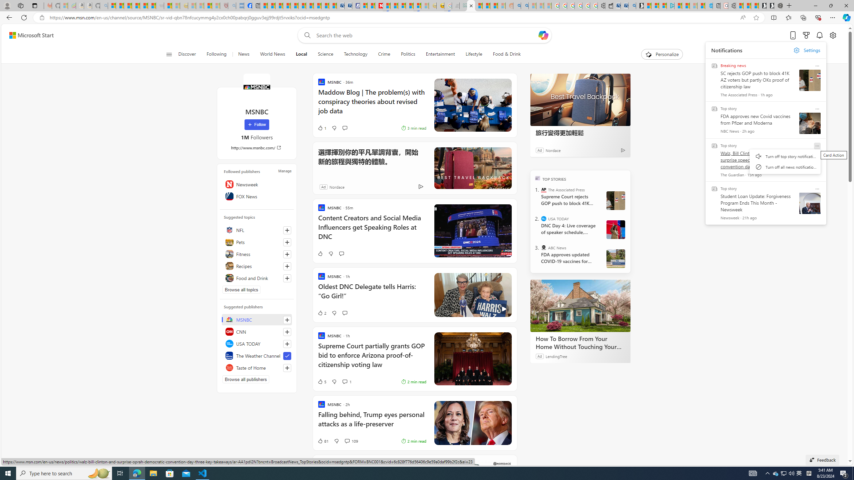 The image size is (854, 480). Describe the element at coordinates (785, 167) in the screenshot. I see `'Turn off all news notifications'` at that location.